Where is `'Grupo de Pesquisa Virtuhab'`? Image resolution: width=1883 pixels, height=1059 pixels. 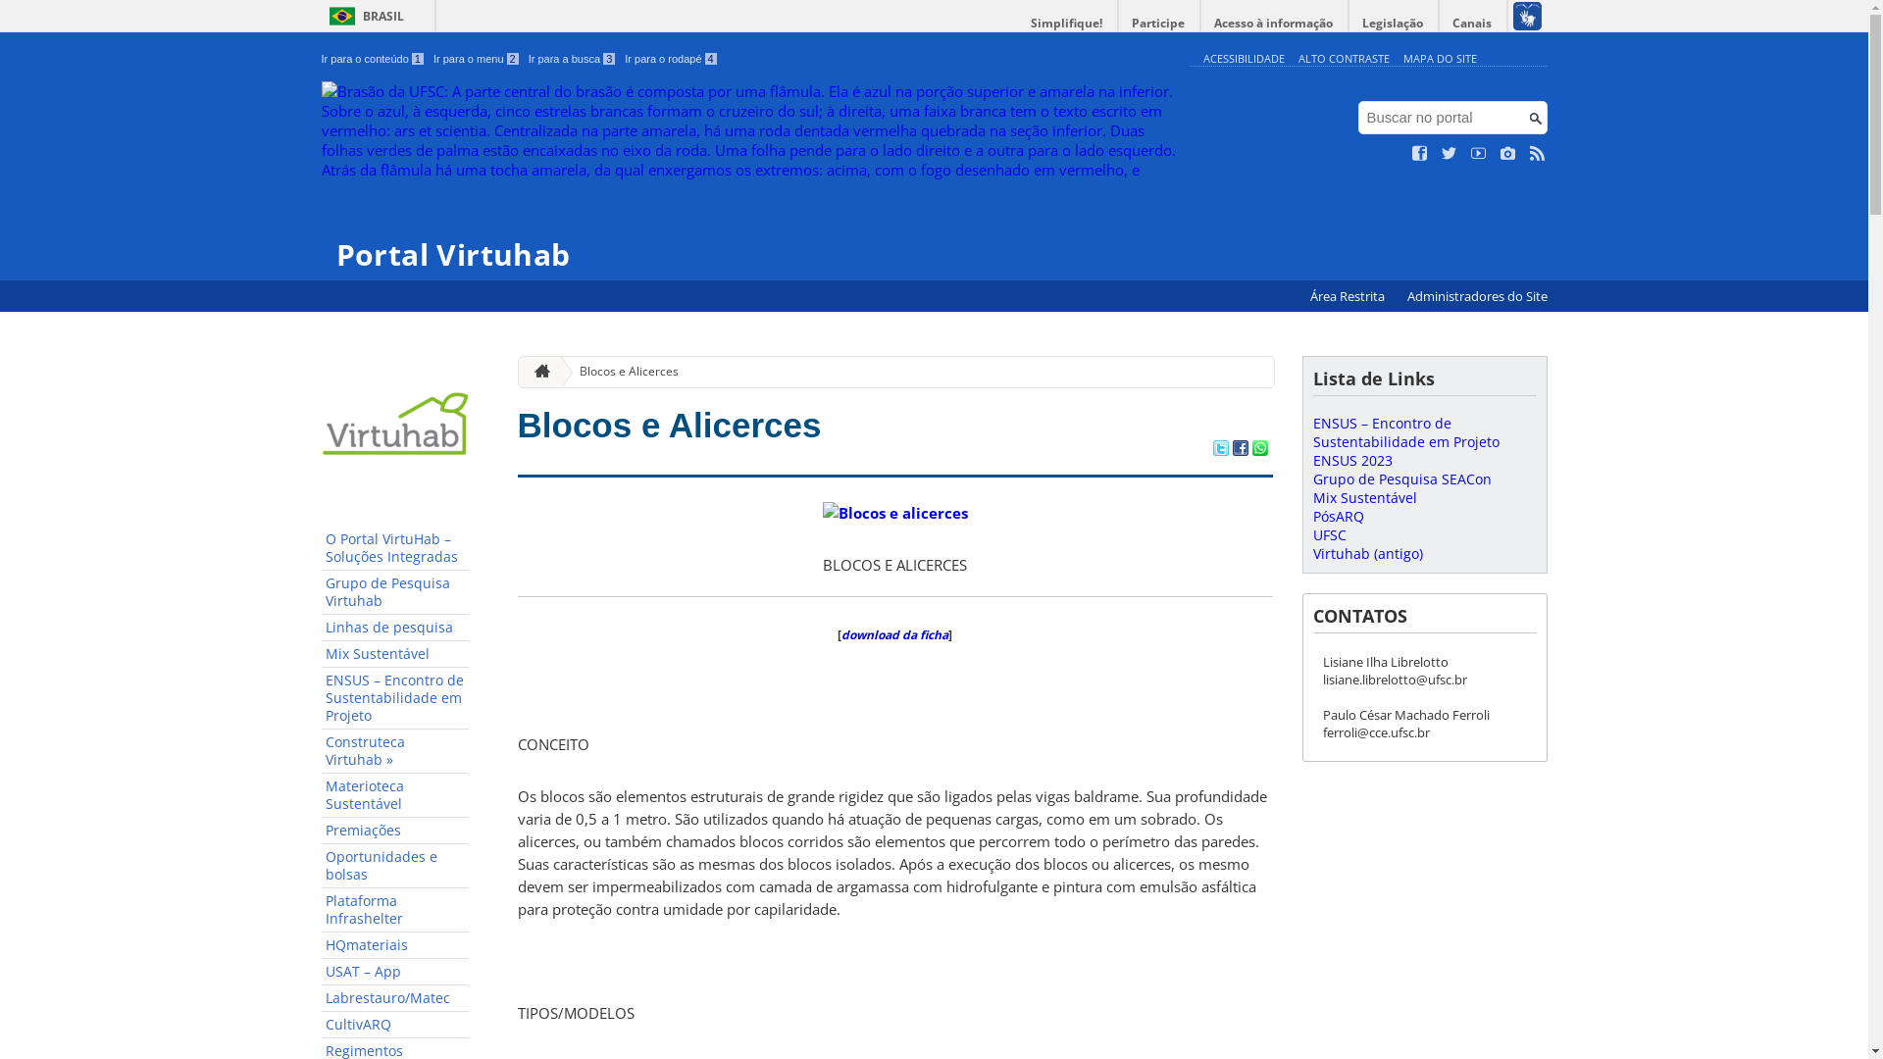
'Grupo de Pesquisa Virtuhab' is located at coordinates (394, 591).